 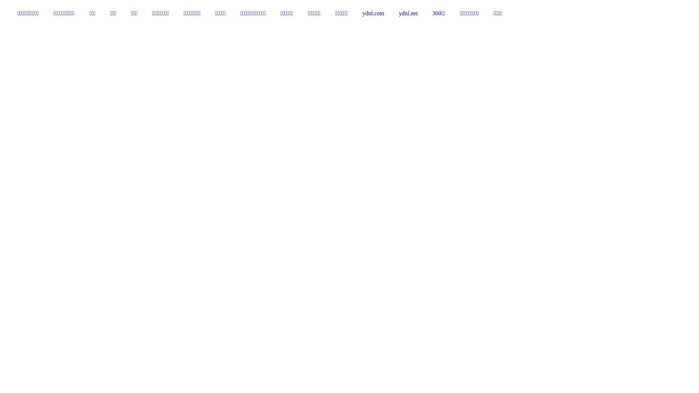 I want to click on 'ydnl.com', so click(x=355, y=13).